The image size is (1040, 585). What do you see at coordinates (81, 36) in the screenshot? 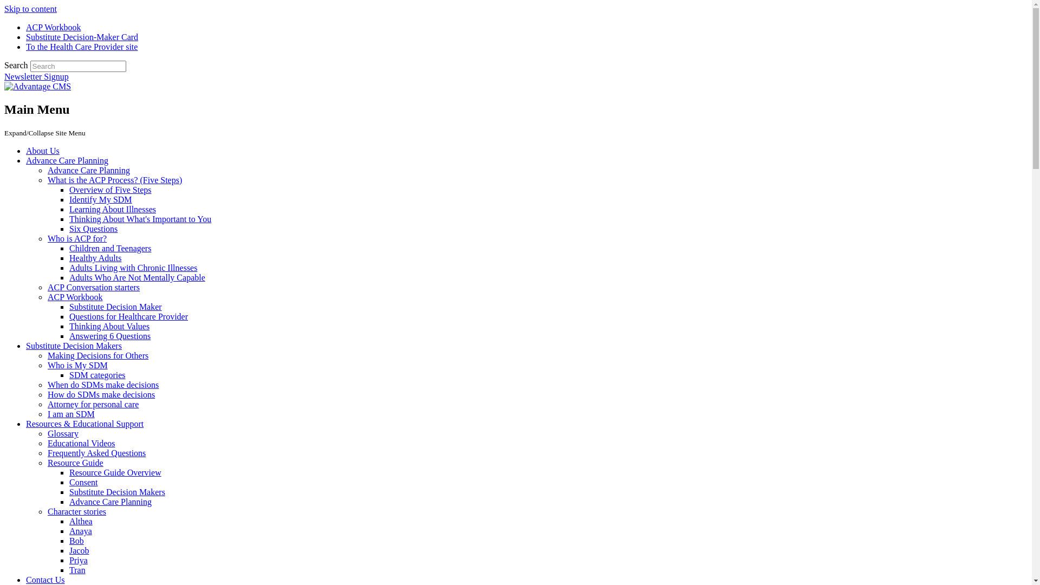
I see `'Substitute Decision-Maker Card'` at bounding box center [81, 36].